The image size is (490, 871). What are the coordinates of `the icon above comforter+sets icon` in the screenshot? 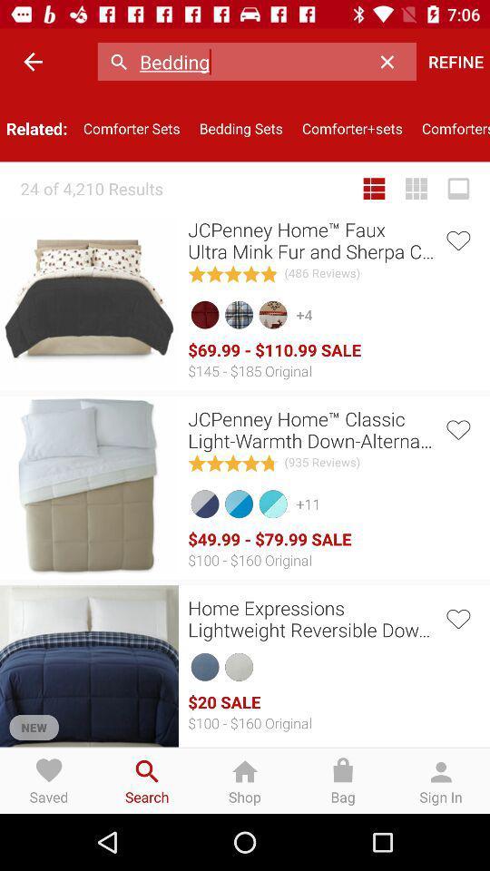 It's located at (391, 62).